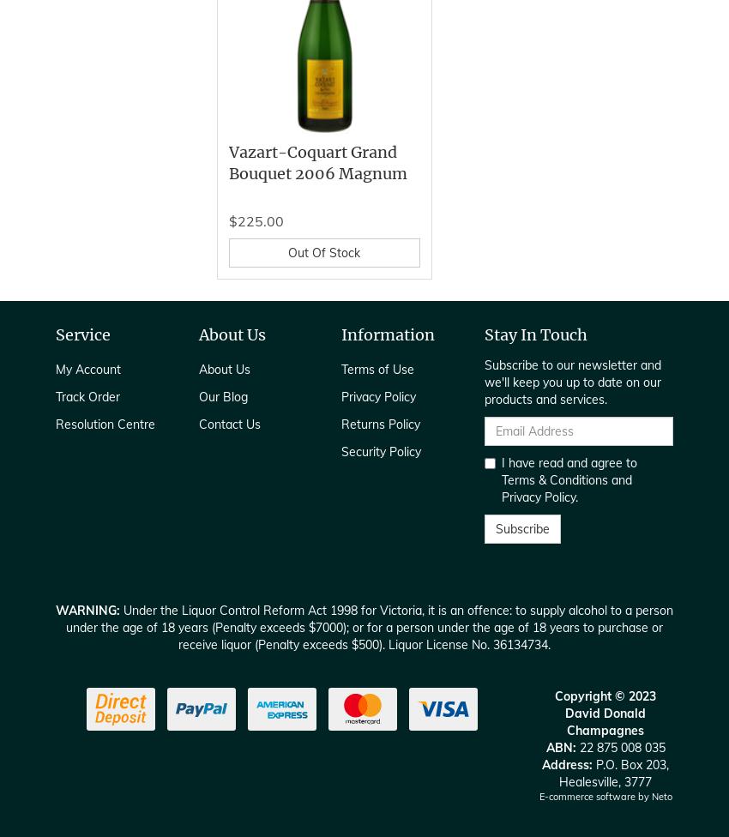  Describe the element at coordinates (87, 395) in the screenshot. I see `'Track Order'` at that location.